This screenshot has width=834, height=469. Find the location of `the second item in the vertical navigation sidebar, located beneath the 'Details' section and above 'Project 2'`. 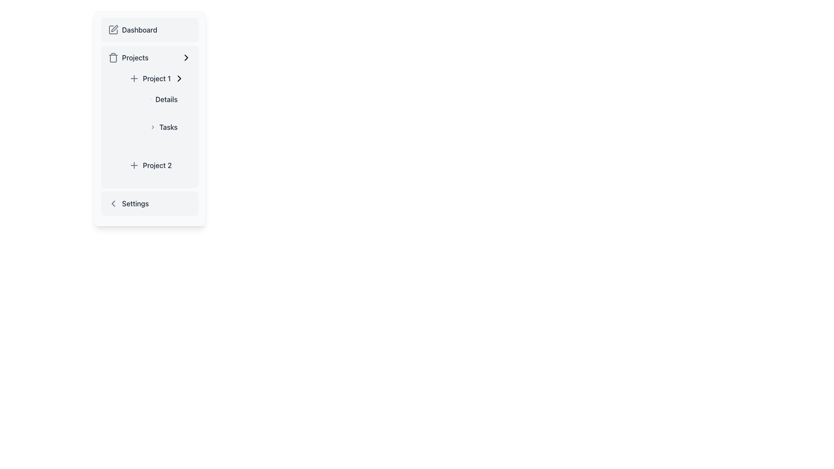

the second item in the vertical navigation sidebar, located beneath the 'Details' section and above 'Project 2' is located at coordinates (164, 127).